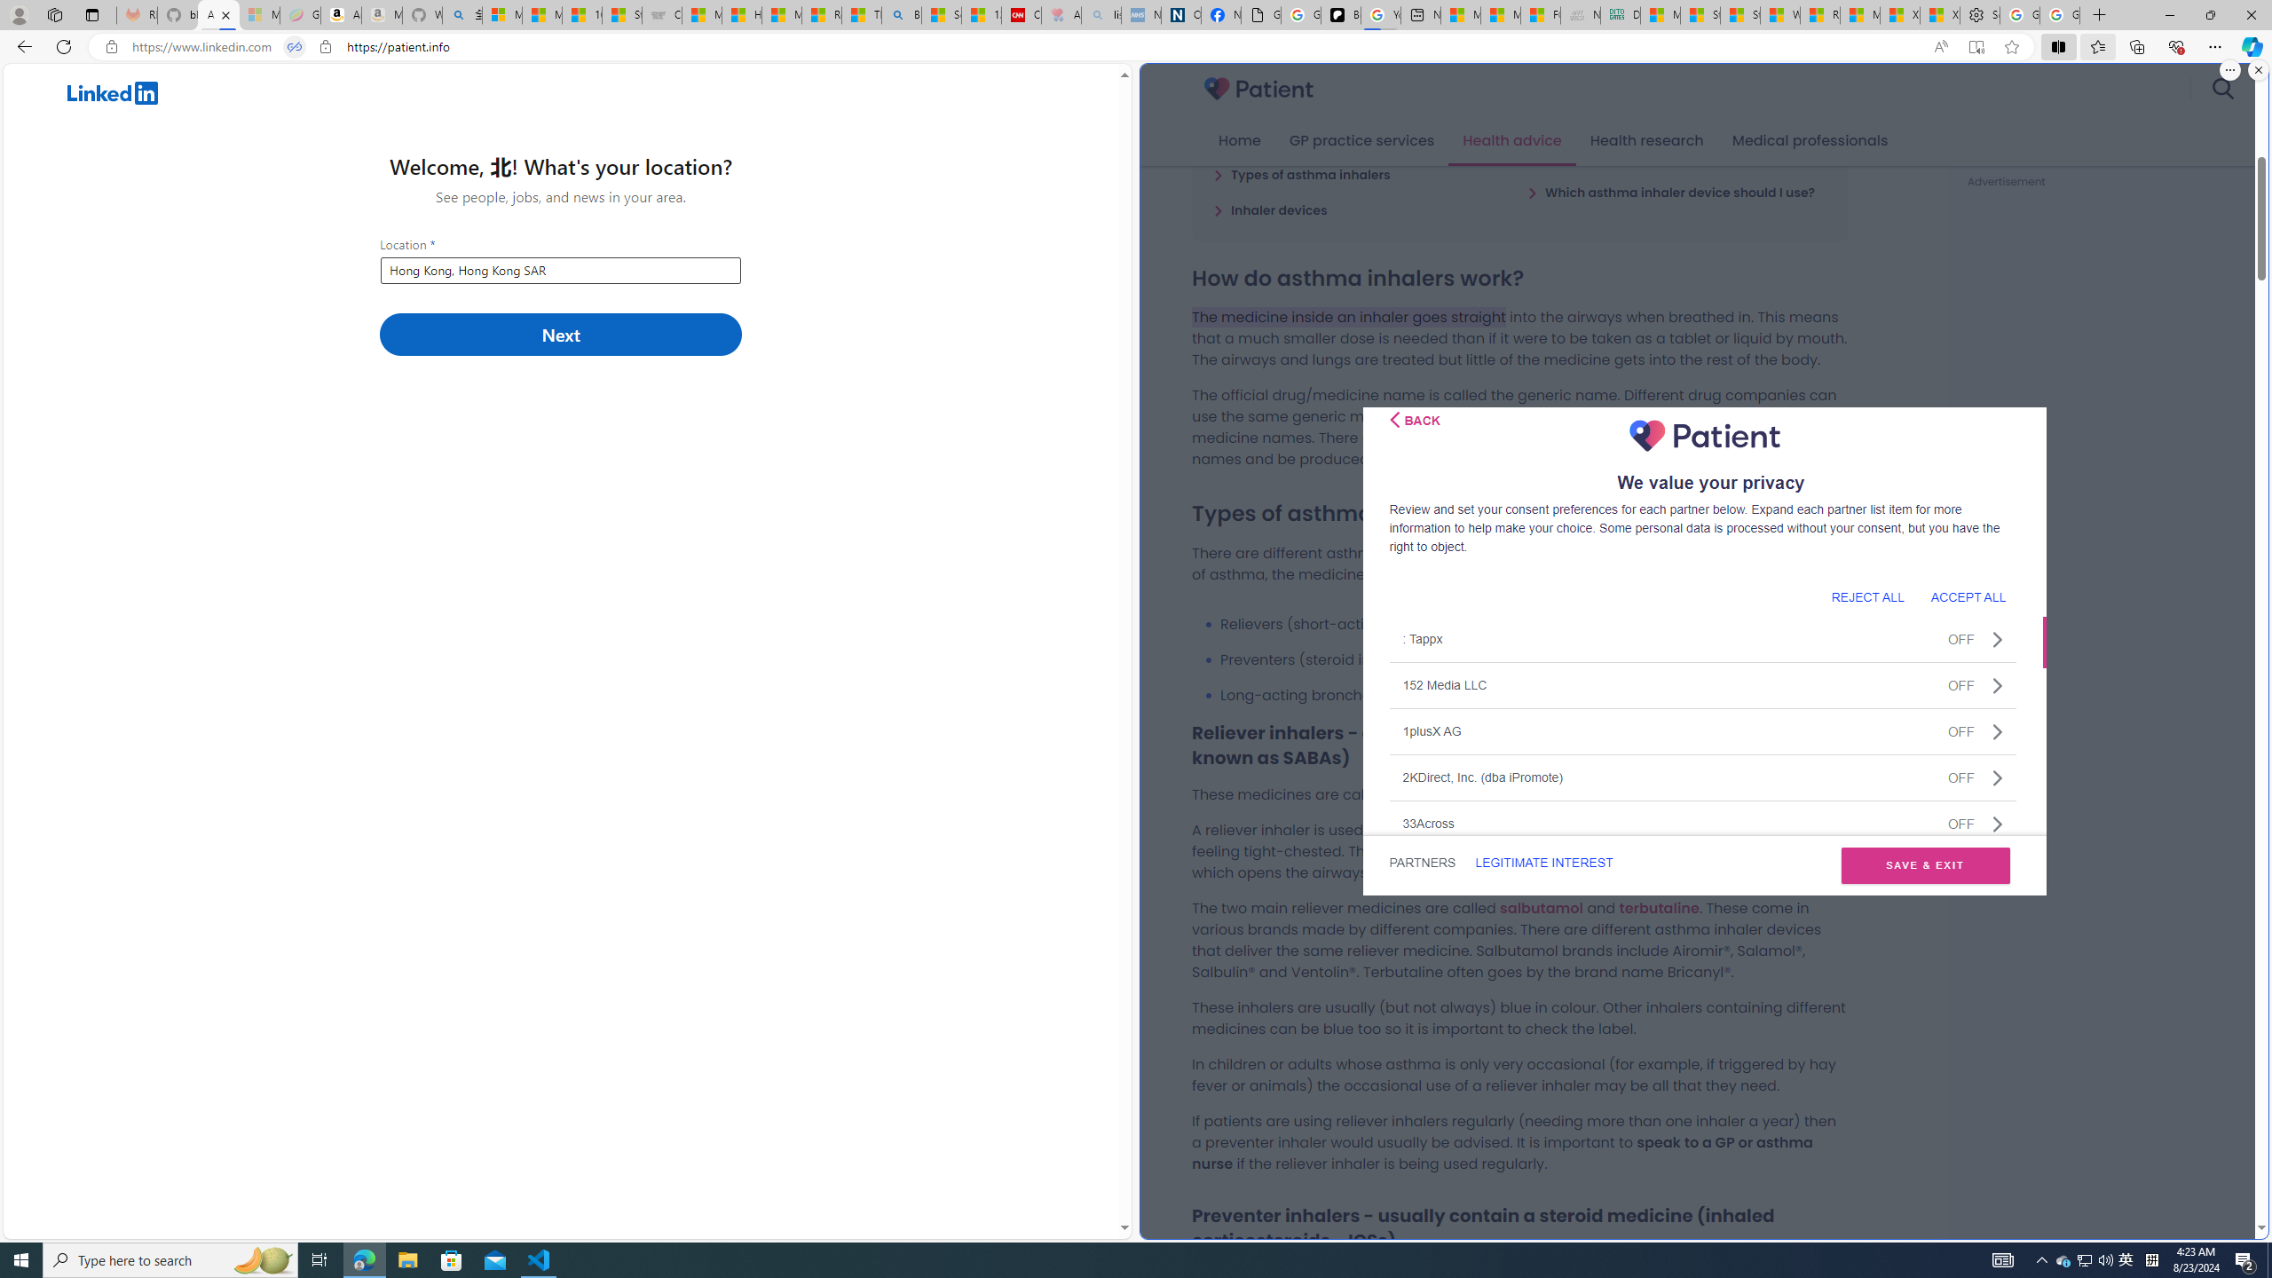  I want to click on 'salbutamol', so click(1541, 907).